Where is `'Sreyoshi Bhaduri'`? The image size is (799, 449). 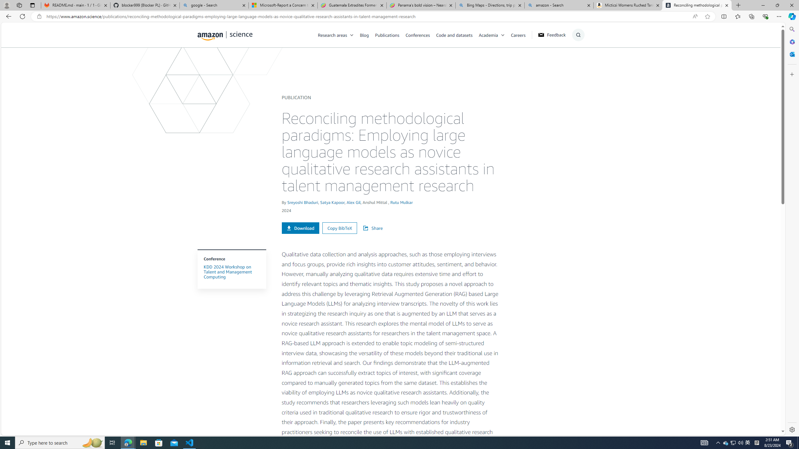
'Sreyoshi Bhaduri' is located at coordinates (302, 202).